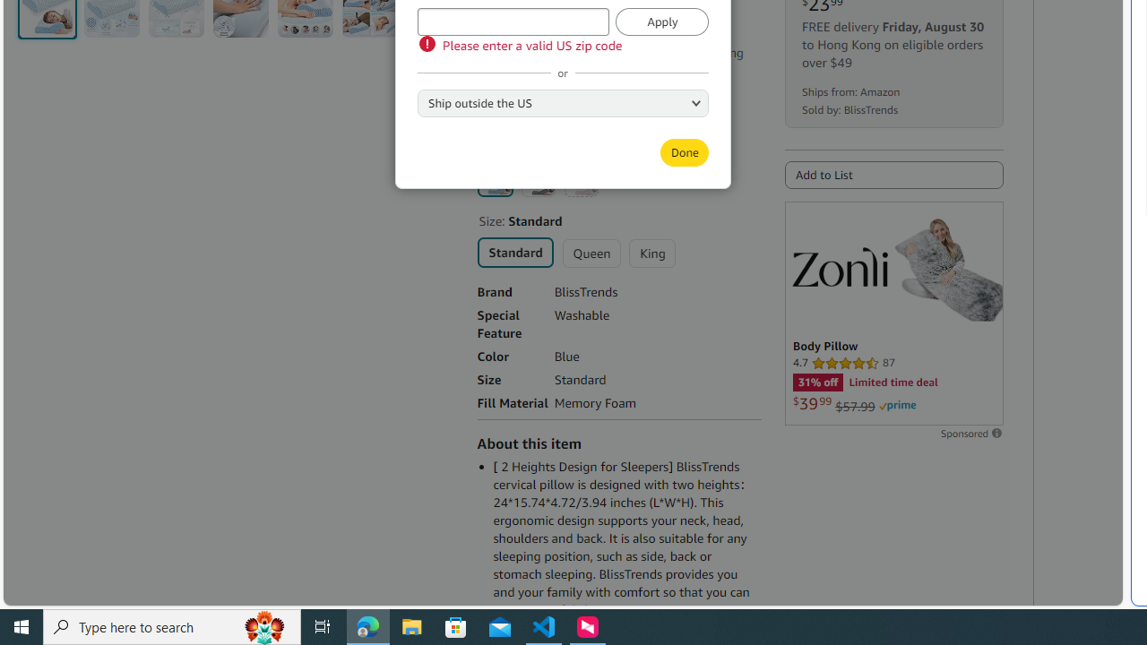 The image size is (1147, 645). I want to click on 'Done', so click(683, 152).